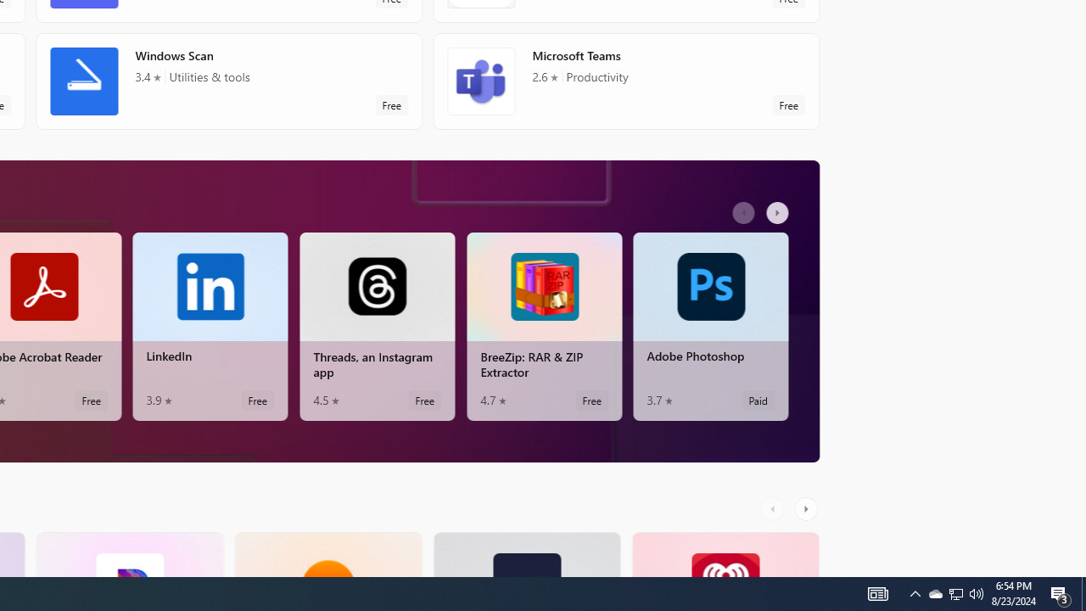  I want to click on 'Vertical Small Increase', so click(1078, 570).